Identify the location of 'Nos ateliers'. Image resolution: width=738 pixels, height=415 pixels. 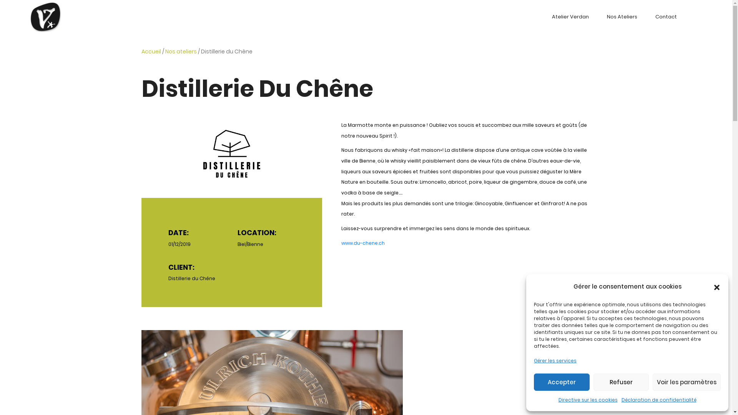
(180, 51).